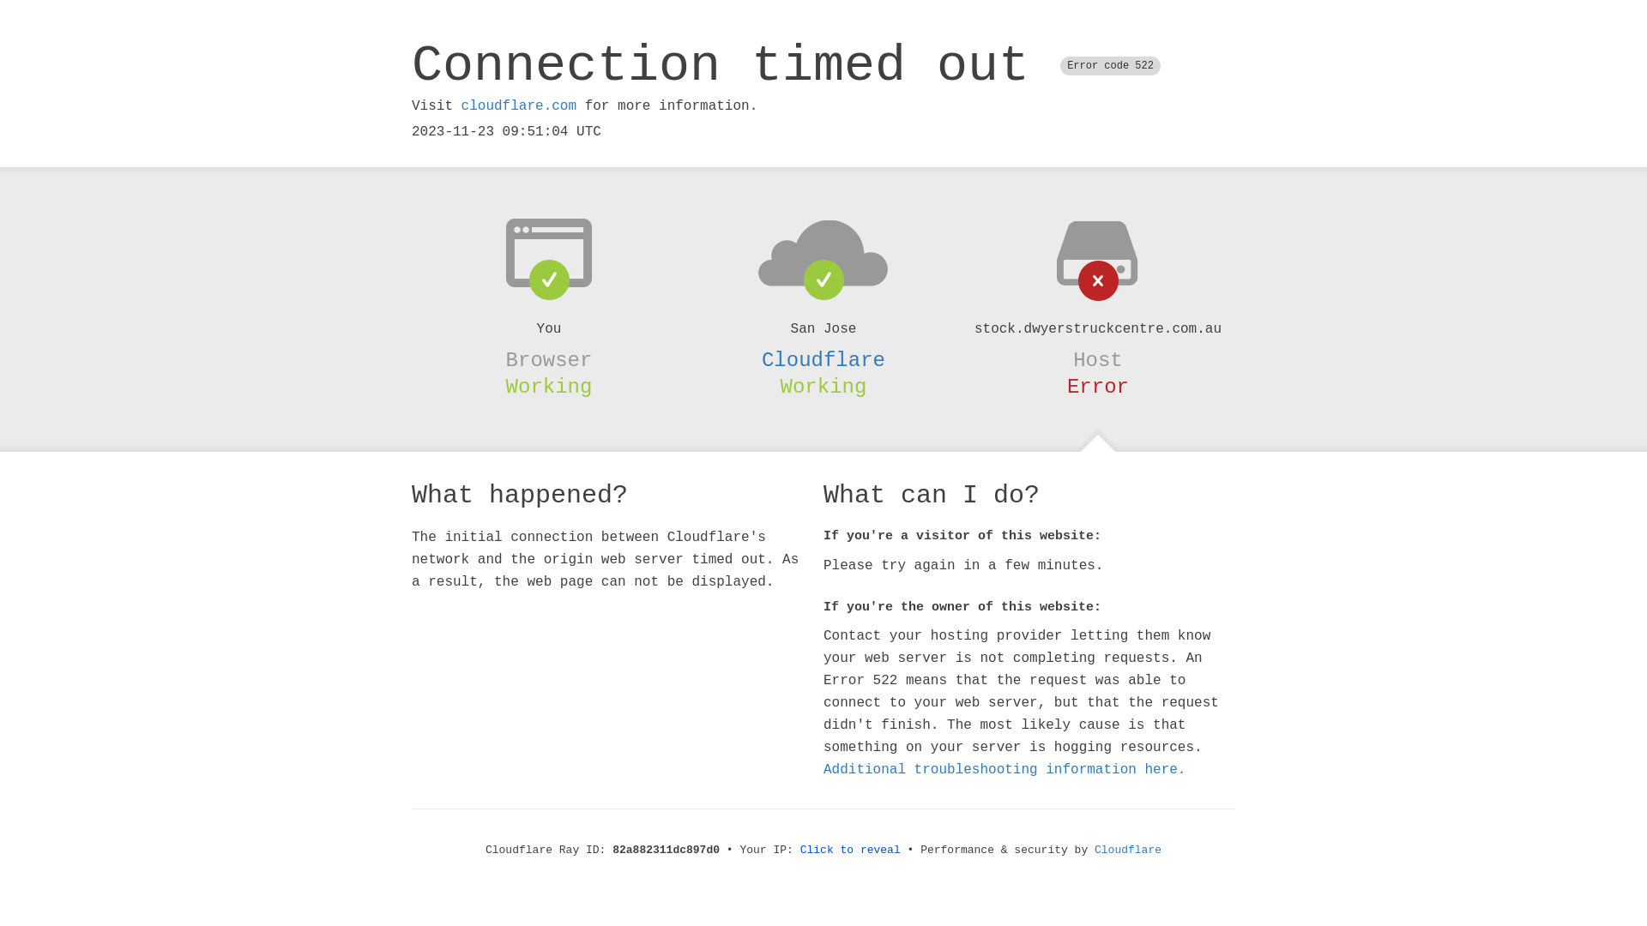 This screenshot has width=1647, height=926. What do you see at coordinates (799, 850) in the screenshot?
I see `'Click to reveal'` at bounding box center [799, 850].